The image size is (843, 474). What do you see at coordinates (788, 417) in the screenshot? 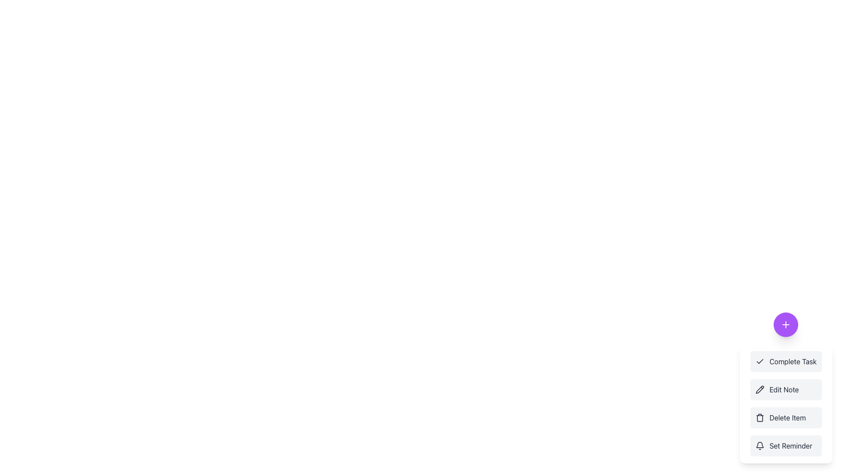
I see `the 'Delete Item' text label, which is styled in bold font and positioned to the right of a trash bin icon` at bounding box center [788, 417].